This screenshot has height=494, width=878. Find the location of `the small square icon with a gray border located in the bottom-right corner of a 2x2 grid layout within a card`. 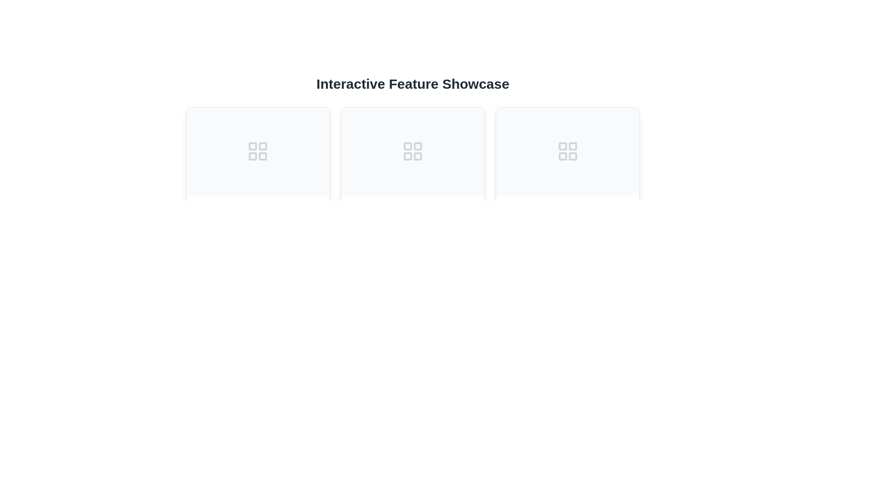

the small square icon with a gray border located in the bottom-right corner of a 2x2 grid layout within a card is located at coordinates (417, 156).